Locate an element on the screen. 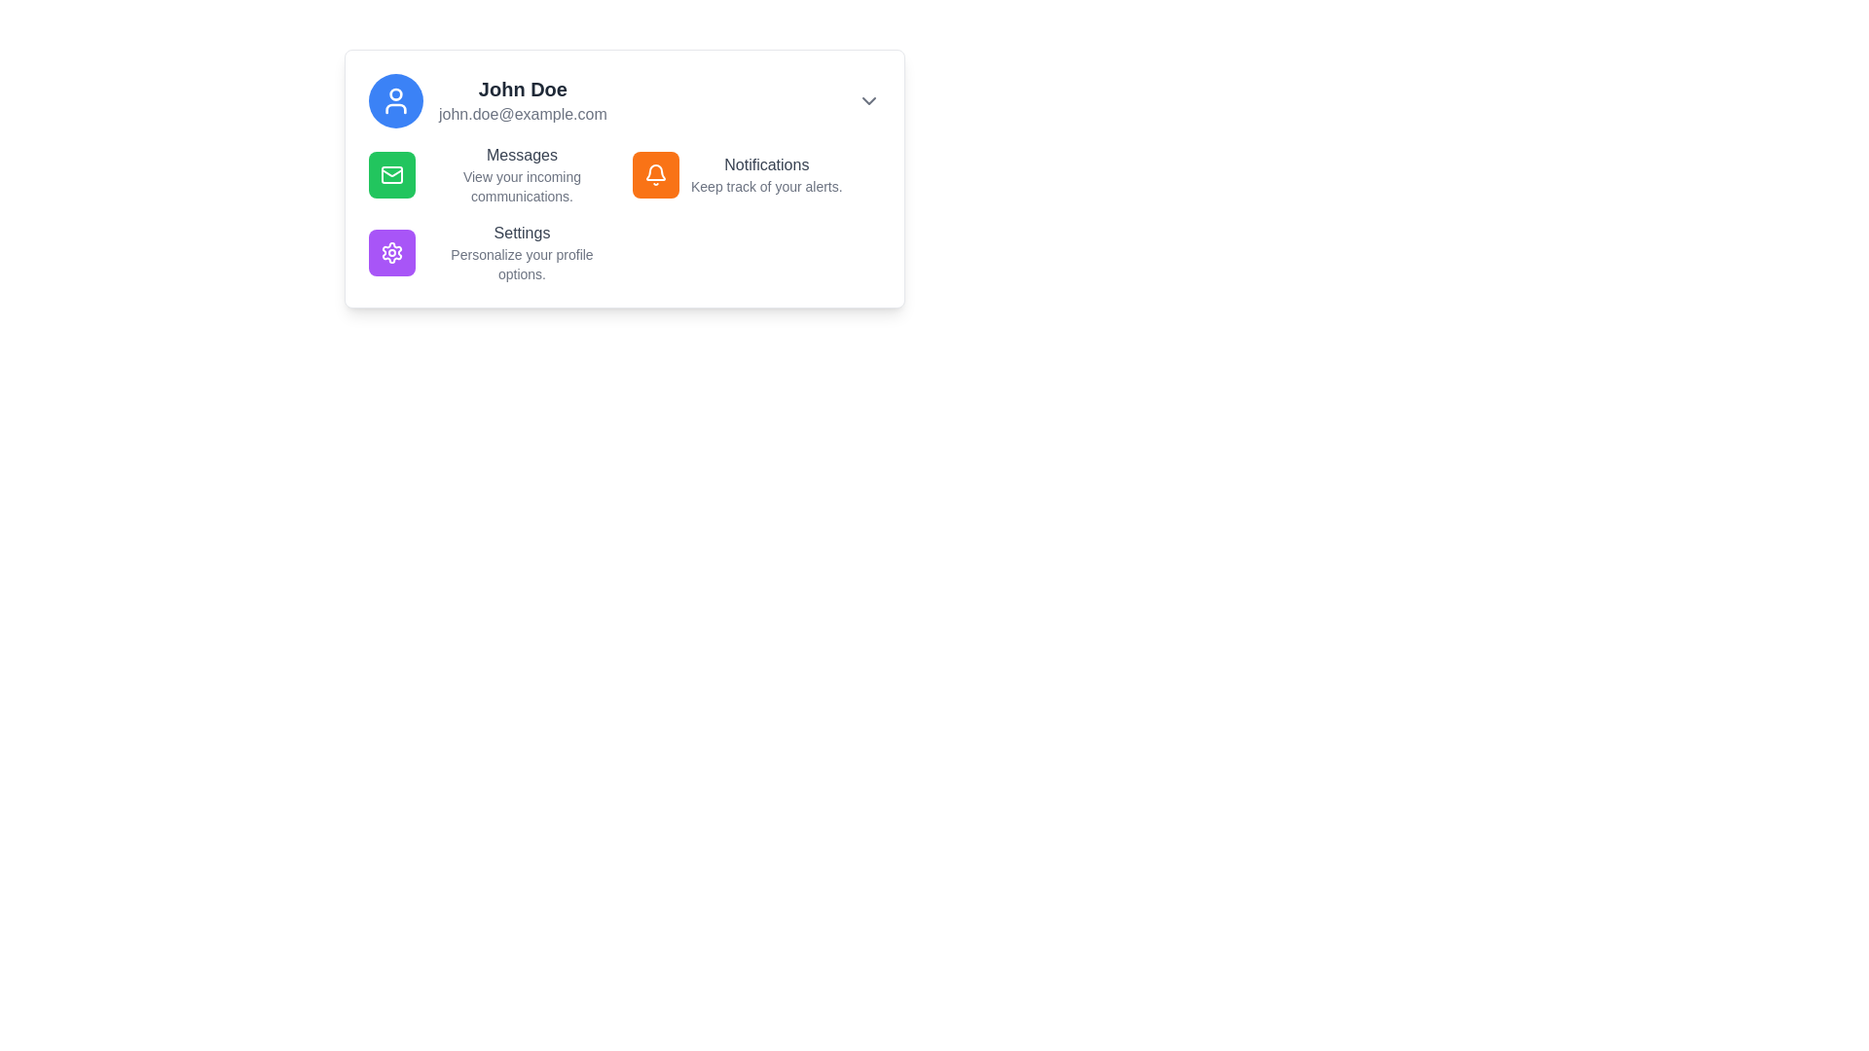  the notifications button, which is the second option in the middle row of a card interface is located at coordinates (655, 175).